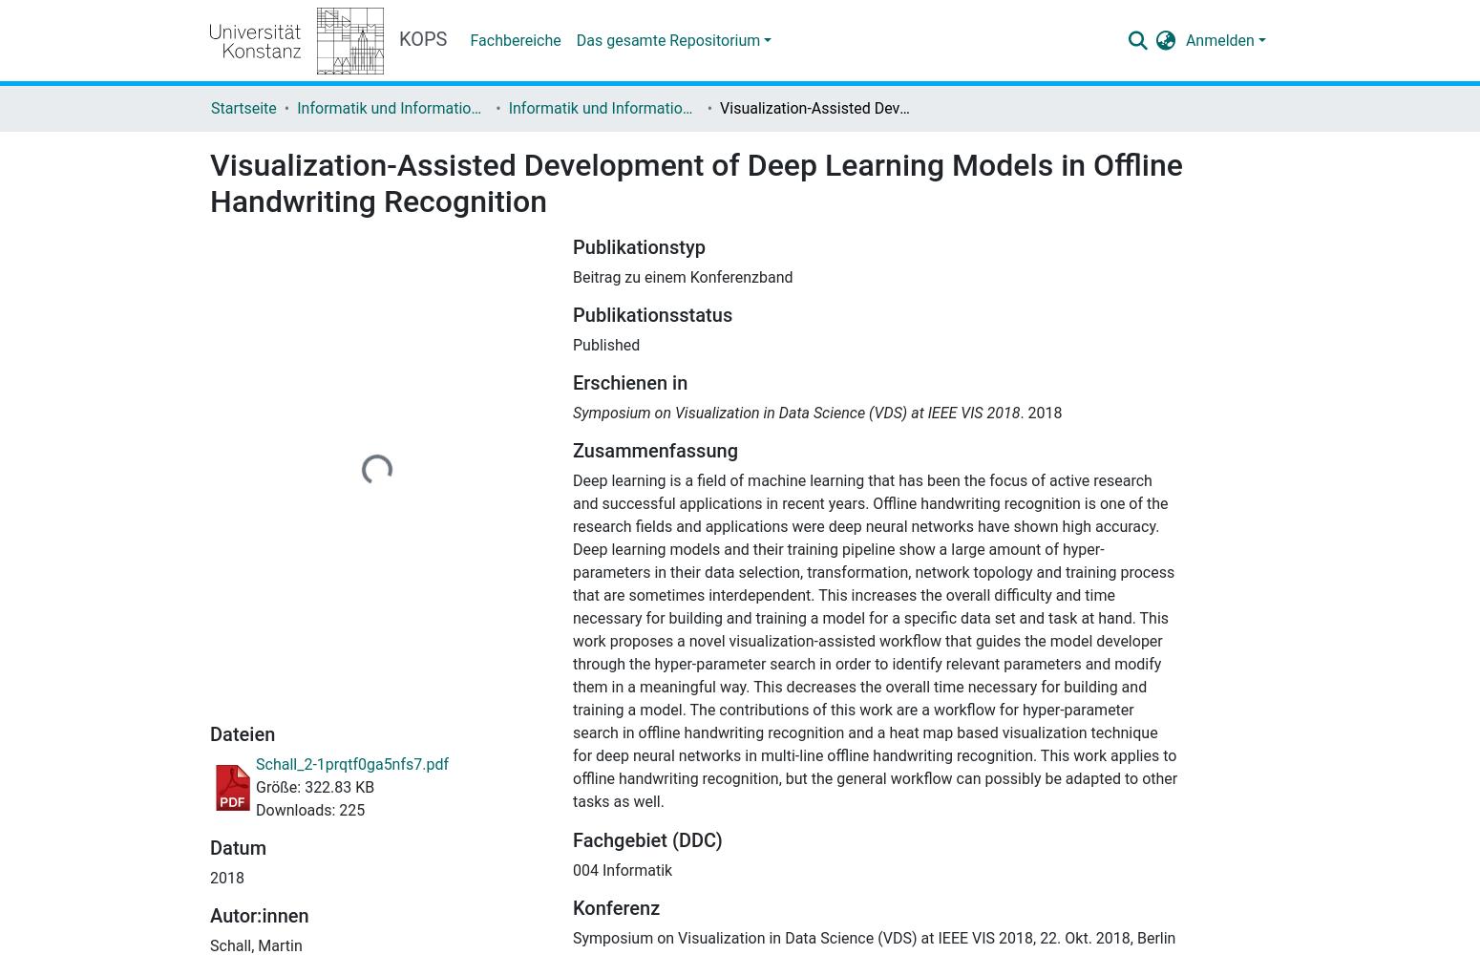 This screenshot has width=1480, height=955. I want to click on 'Schall, Martin', so click(255, 944).